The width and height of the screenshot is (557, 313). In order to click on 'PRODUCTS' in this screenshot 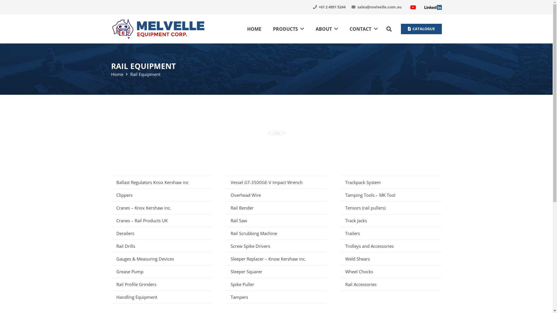, I will do `click(288, 29)`.